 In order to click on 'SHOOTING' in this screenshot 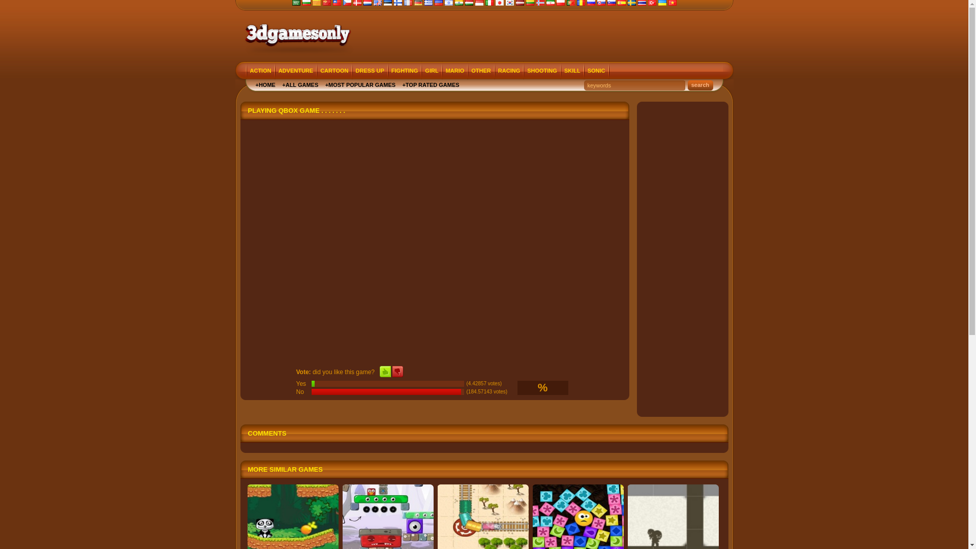, I will do `click(541, 70)`.